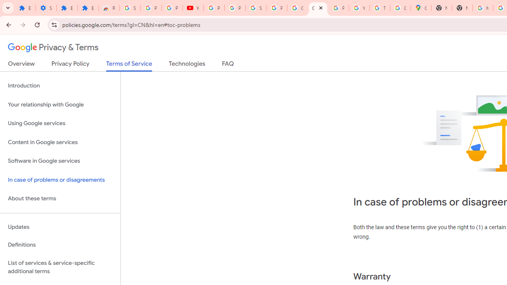 The height and width of the screenshot is (285, 507). What do you see at coordinates (421, 8) in the screenshot?
I see `'Google Maps'` at bounding box center [421, 8].